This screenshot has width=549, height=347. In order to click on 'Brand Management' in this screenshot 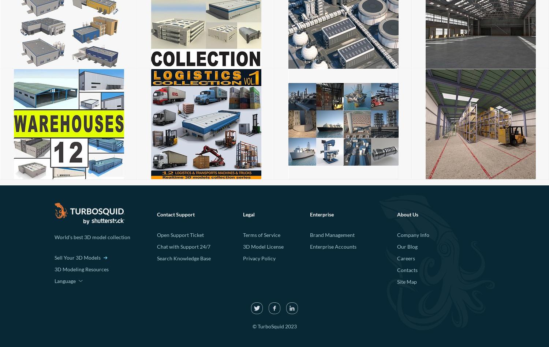, I will do `click(332, 235)`.